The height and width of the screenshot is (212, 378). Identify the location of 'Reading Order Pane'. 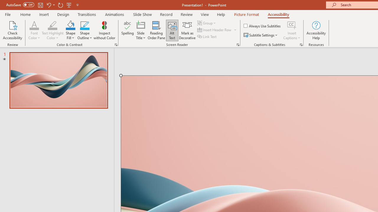
(156, 30).